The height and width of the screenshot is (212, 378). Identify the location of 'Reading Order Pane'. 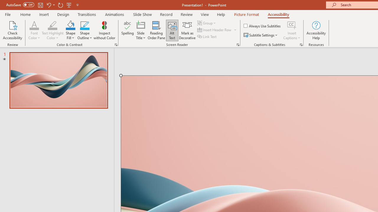
(156, 30).